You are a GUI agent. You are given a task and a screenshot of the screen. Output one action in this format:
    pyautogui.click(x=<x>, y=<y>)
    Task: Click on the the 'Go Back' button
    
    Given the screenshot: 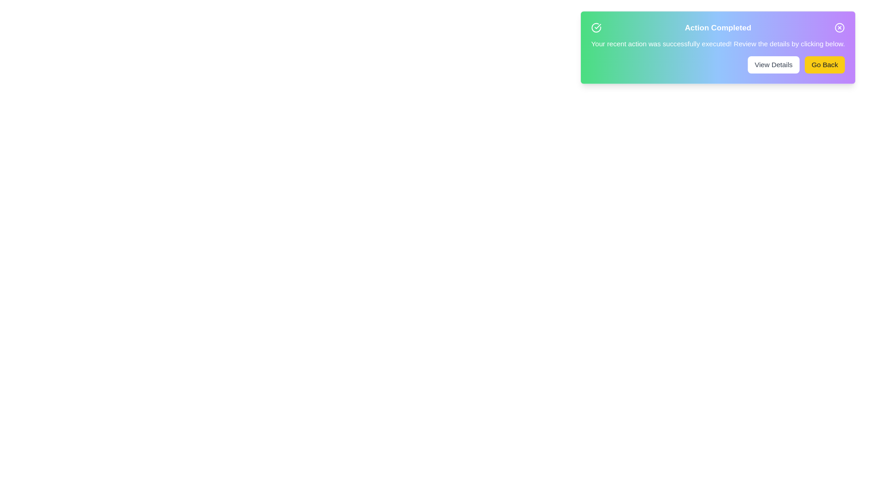 What is the action you would take?
    pyautogui.click(x=824, y=64)
    